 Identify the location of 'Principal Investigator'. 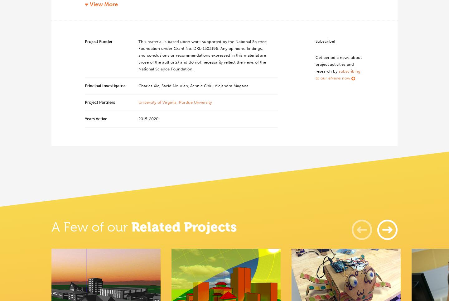
(105, 85).